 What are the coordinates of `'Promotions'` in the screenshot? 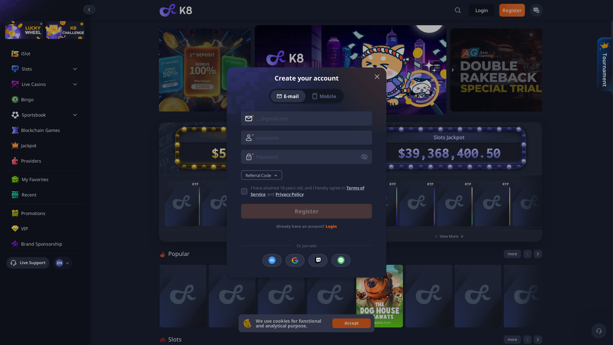 It's located at (21, 213).